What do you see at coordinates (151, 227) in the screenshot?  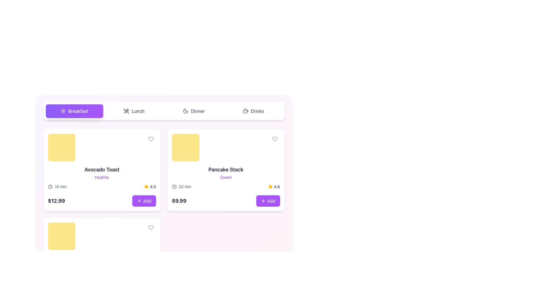 I see `the small circular button with a heart icon located at the bottom-right corner of the card for the item 'Pancake Stack'` at bounding box center [151, 227].